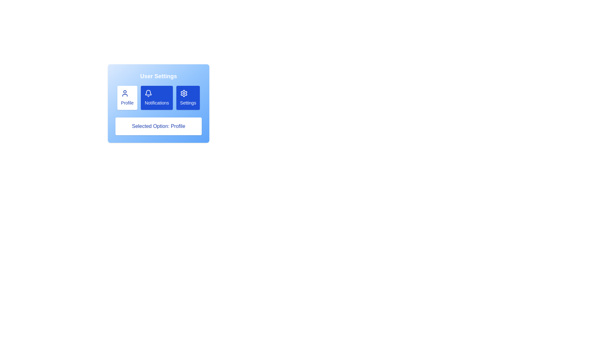  What do you see at coordinates (188, 98) in the screenshot?
I see `the button corresponding to the Settings section` at bounding box center [188, 98].